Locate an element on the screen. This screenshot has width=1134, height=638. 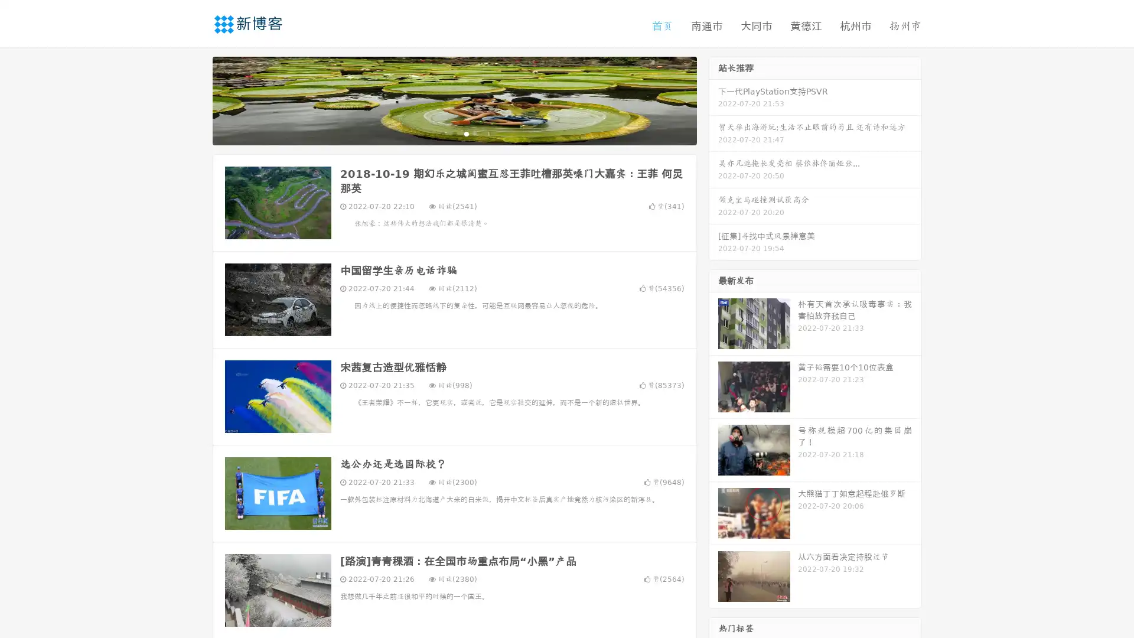
Go to slide 3 is located at coordinates (466, 133).